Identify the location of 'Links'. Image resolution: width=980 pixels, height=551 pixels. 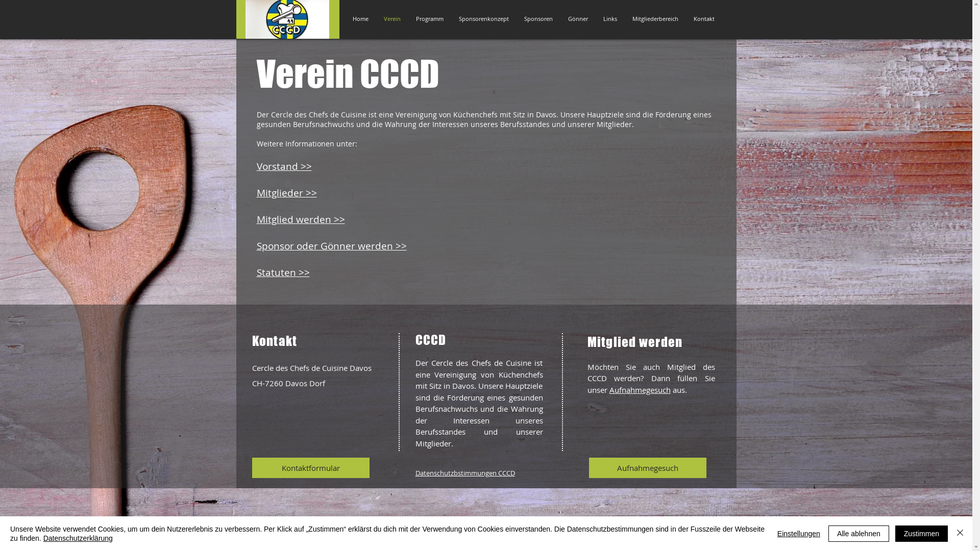
(609, 19).